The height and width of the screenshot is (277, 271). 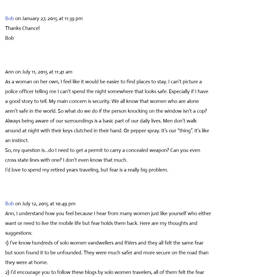 I want to click on 'Ann', so click(x=9, y=71).